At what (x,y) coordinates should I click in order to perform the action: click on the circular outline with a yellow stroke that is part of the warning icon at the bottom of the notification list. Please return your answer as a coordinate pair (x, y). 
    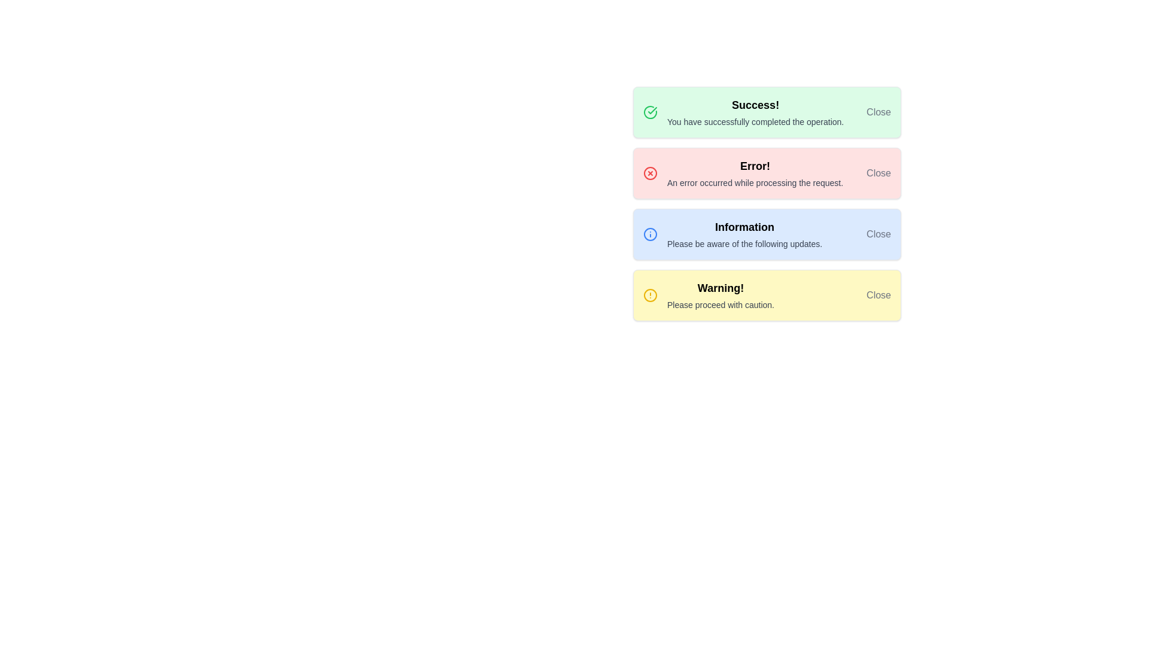
    Looking at the image, I should click on (649, 295).